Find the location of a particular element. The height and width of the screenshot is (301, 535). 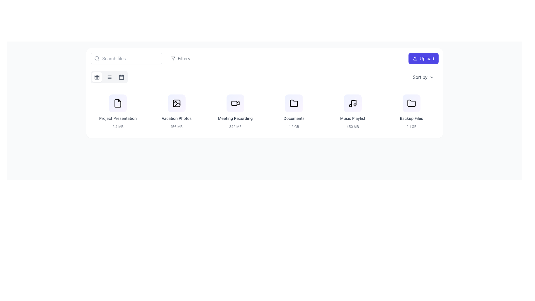

the second button in a horizontal set of three buttons is located at coordinates (109, 77).